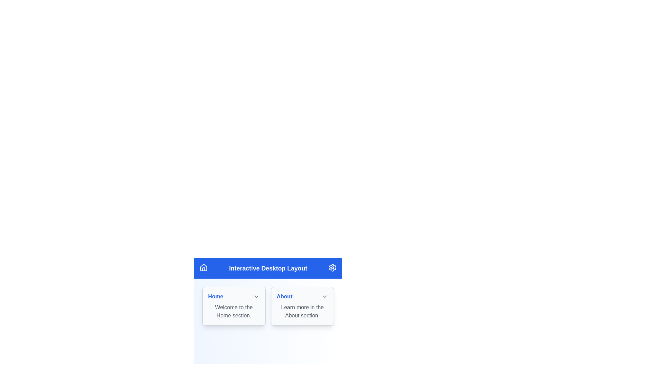 The image size is (653, 367). I want to click on the inner section of the house icon located at the far left of the navigation bar, which is styled with a blue background and white outline, so click(203, 269).